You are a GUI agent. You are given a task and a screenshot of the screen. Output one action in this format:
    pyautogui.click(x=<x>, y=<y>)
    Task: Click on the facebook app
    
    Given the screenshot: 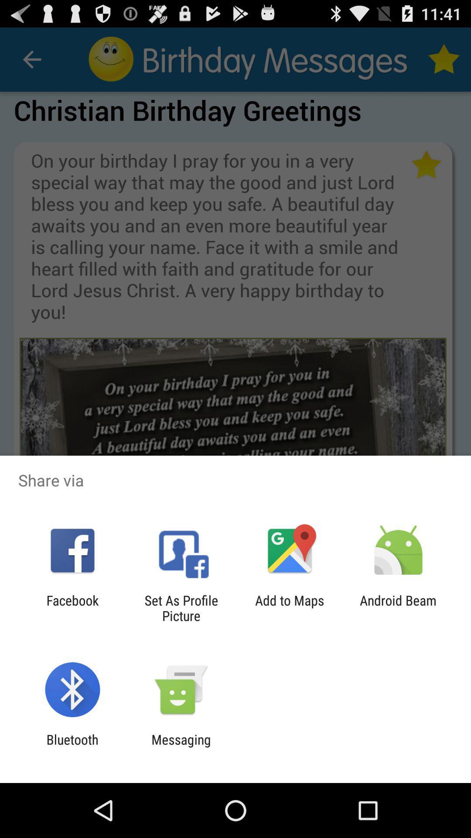 What is the action you would take?
    pyautogui.click(x=72, y=608)
    